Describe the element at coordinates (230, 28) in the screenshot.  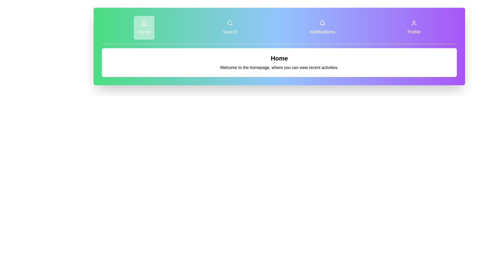
I see `the Search button to observe its hover effect` at that location.